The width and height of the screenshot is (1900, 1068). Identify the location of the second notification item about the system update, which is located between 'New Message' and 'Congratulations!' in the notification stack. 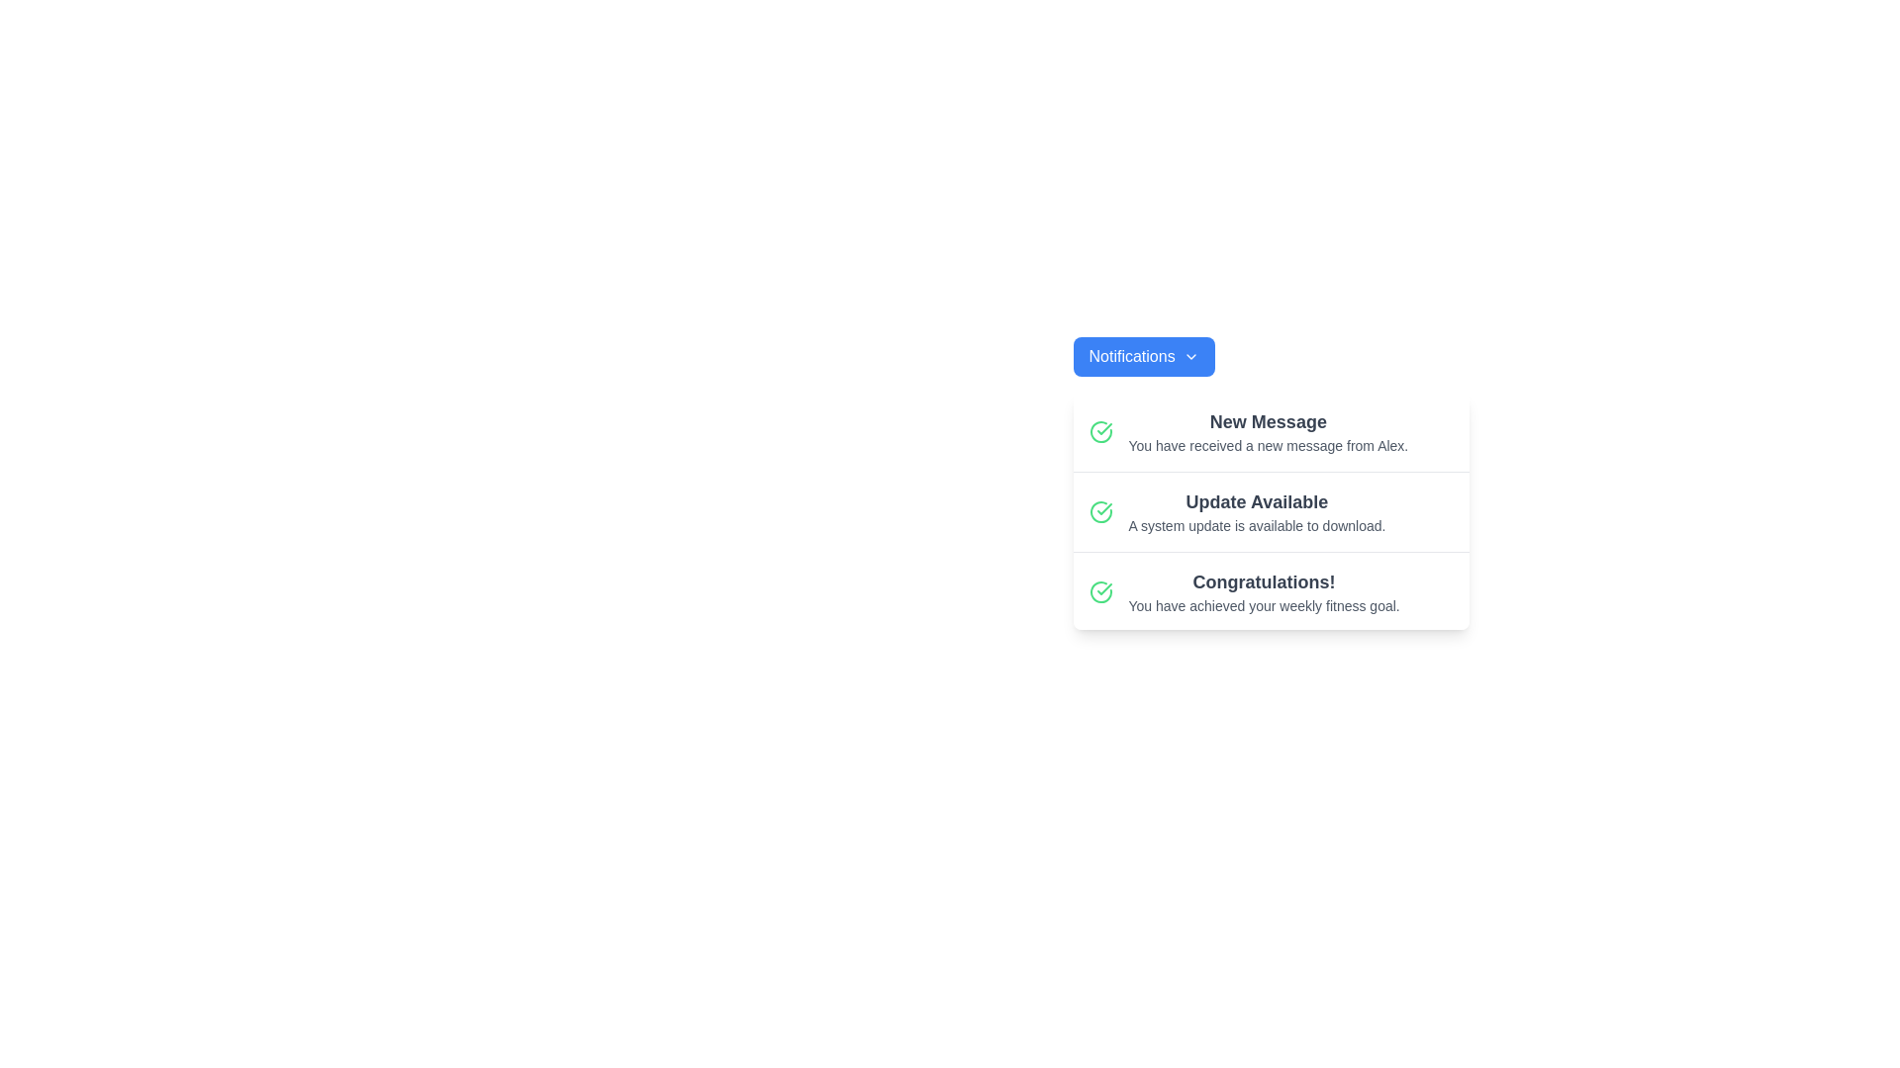
(1271, 511).